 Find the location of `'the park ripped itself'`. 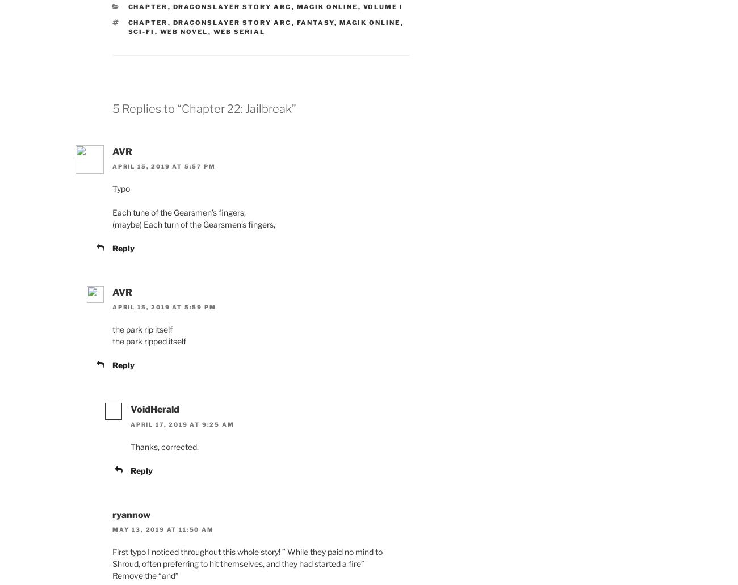

'the park ripped itself' is located at coordinates (148, 340).